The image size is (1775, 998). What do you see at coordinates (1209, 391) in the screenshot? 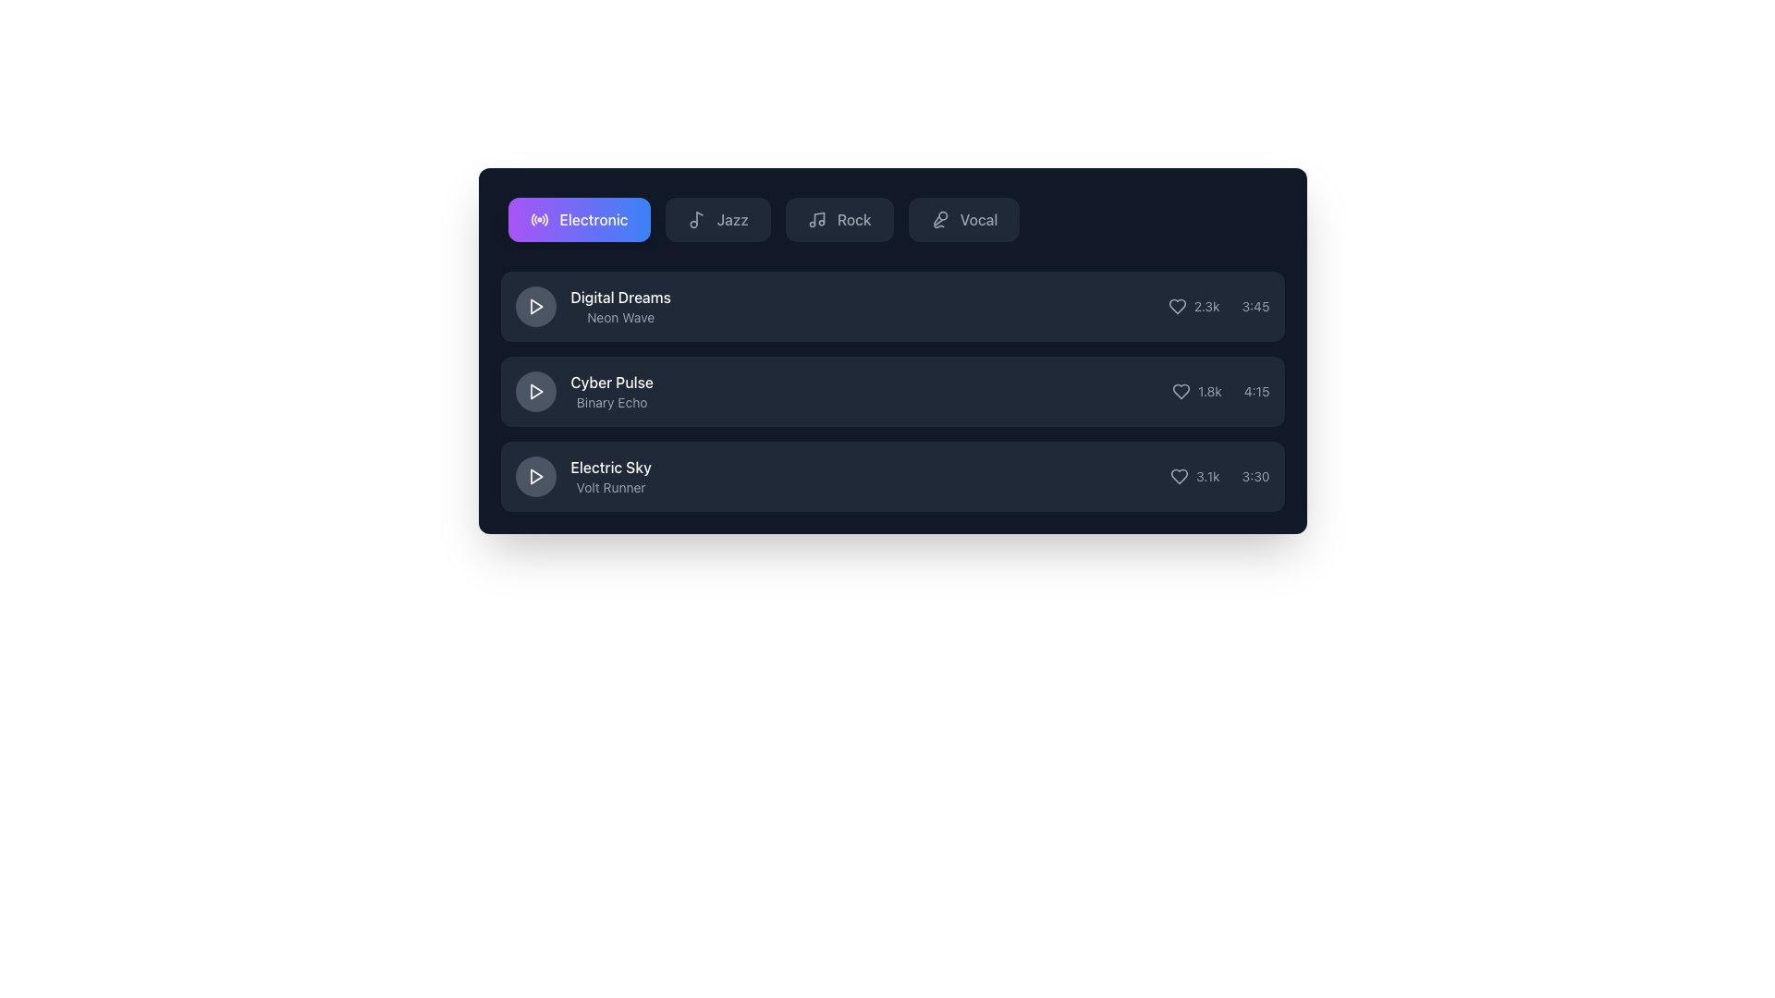
I see `number displayed in the text label showing '1.8k', which is part of a like or favorites counter next to a heart icon` at bounding box center [1209, 391].